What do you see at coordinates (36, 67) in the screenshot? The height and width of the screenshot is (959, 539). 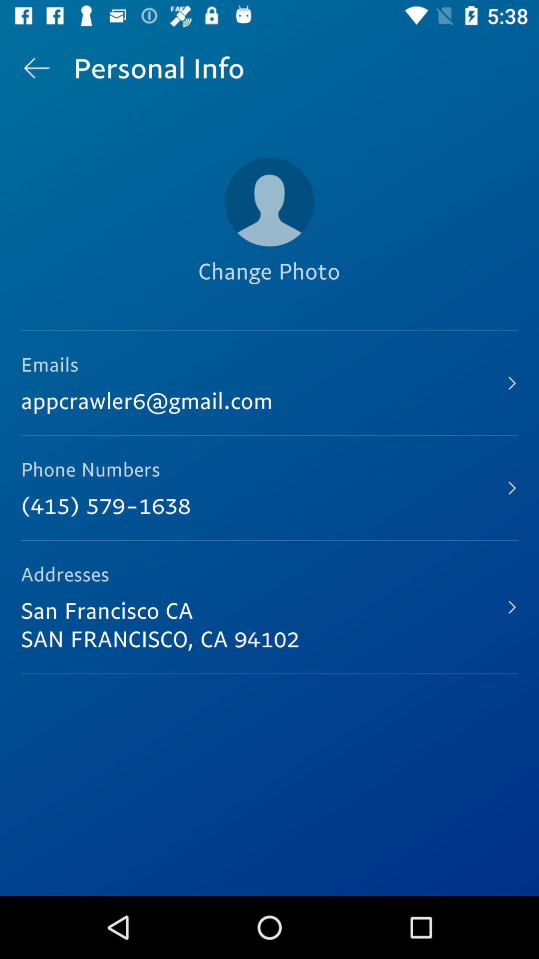 I see `the item to the left of the personal info` at bounding box center [36, 67].